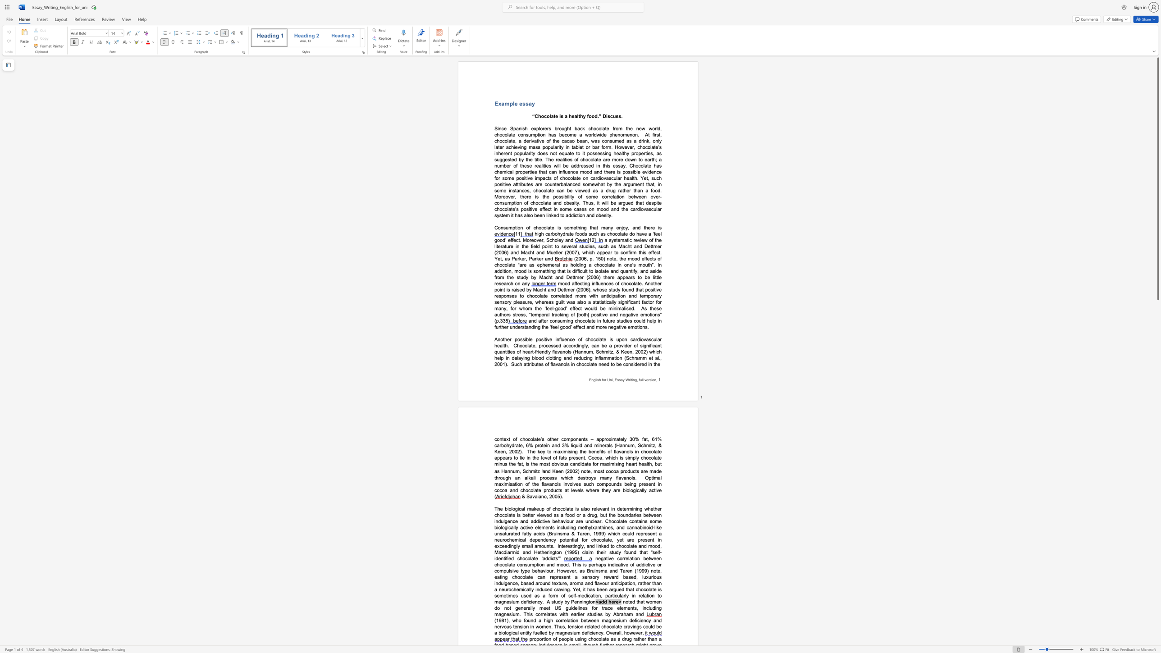  What do you see at coordinates (1157, 344) in the screenshot?
I see `the scrollbar to scroll downward` at bounding box center [1157, 344].